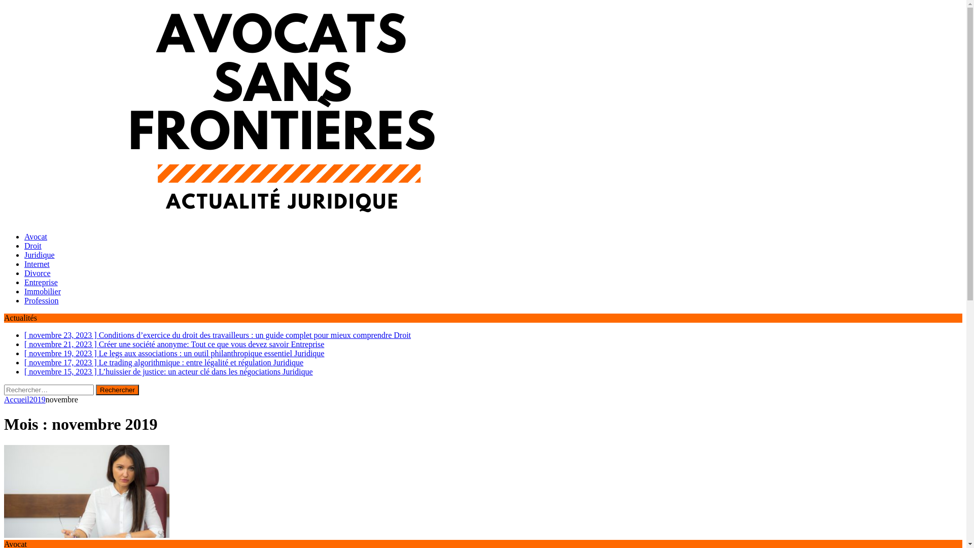 Image resolution: width=974 pixels, height=548 pixels. I want to click on 'Droit', so click(33, 246).